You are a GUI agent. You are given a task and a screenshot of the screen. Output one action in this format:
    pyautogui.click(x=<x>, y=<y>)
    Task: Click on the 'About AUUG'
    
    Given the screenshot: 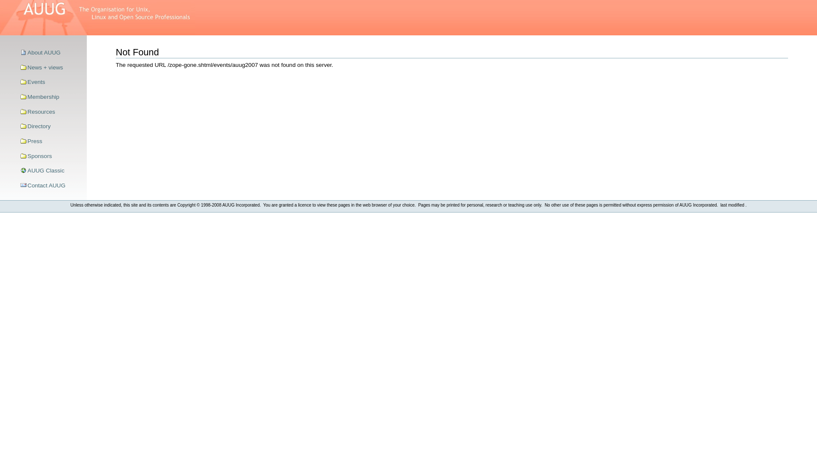 What is the action you would take?
    pyautogui.click(x=50, y=52)
    